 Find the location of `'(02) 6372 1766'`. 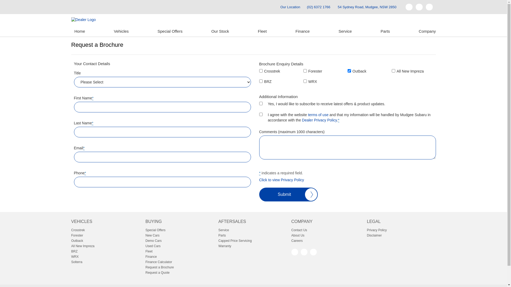

'(02) 6372 1766' is located at coordinates (318, 7).